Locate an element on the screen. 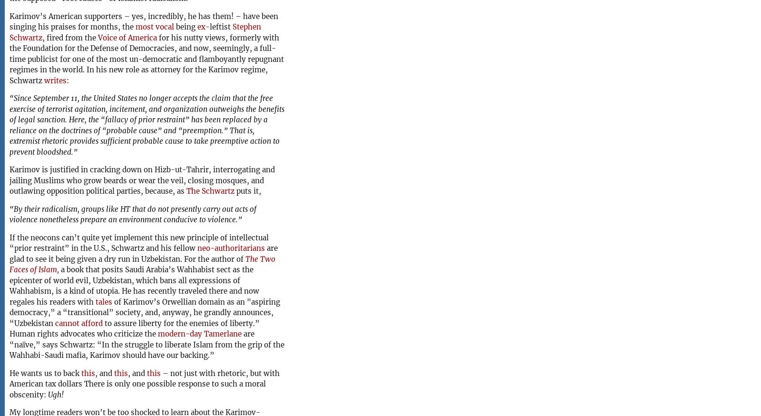  '“By their radicalism, groups like HT that do not presently carry out acts of violence nonetheless prepare an environment conducive to violence.”' is located at coordinates (133, 214).